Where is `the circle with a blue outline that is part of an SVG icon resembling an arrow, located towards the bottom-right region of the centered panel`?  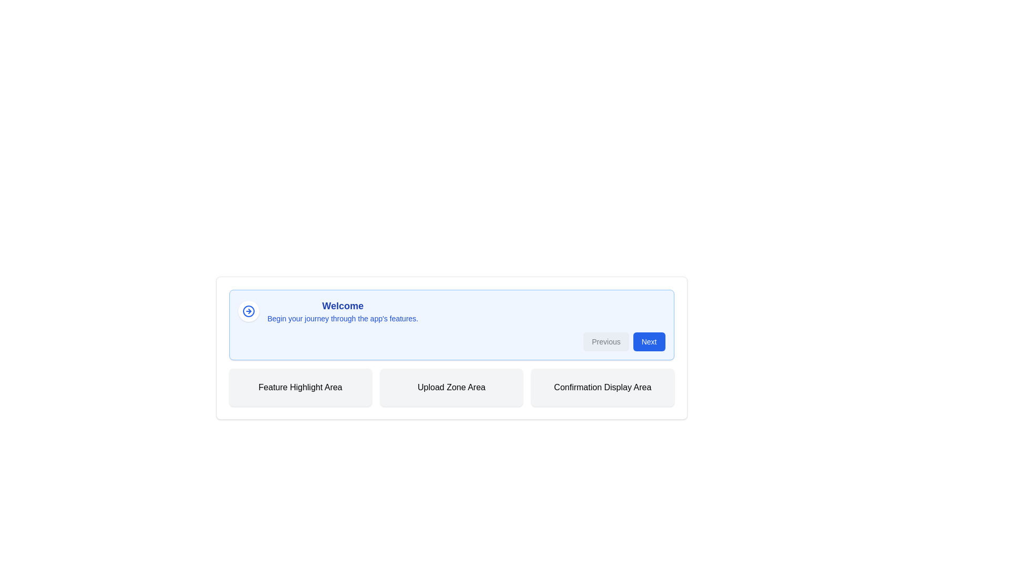 the circle with a blue outline that is part of an SVG icon resembling an arrow, located towards the bottom-right region of the centered panel is located at coordinates (248, 310).